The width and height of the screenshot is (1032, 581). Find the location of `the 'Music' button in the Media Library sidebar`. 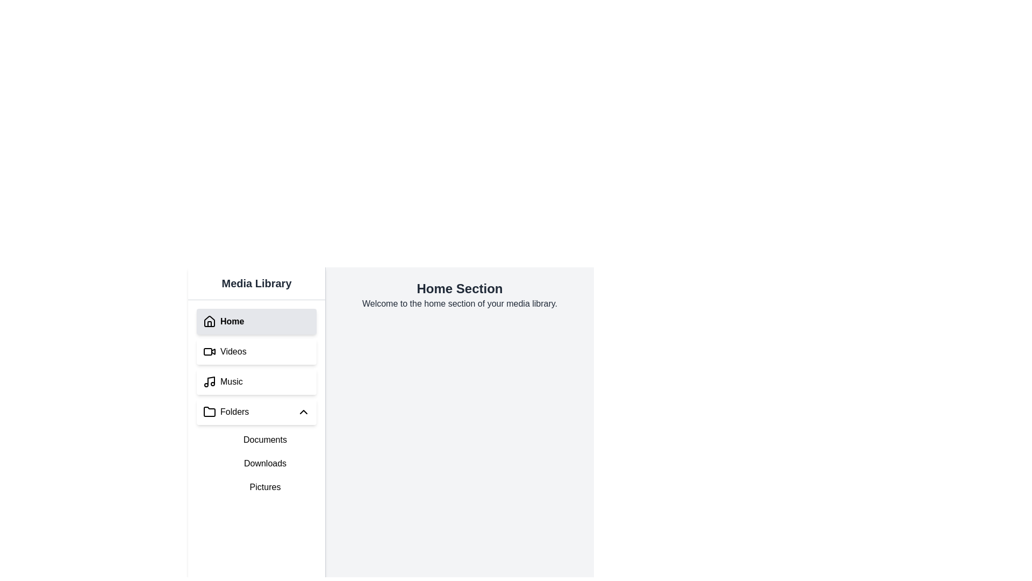

the 'Music' button in the Media Library sidebar is located at coordinates (256, 381).